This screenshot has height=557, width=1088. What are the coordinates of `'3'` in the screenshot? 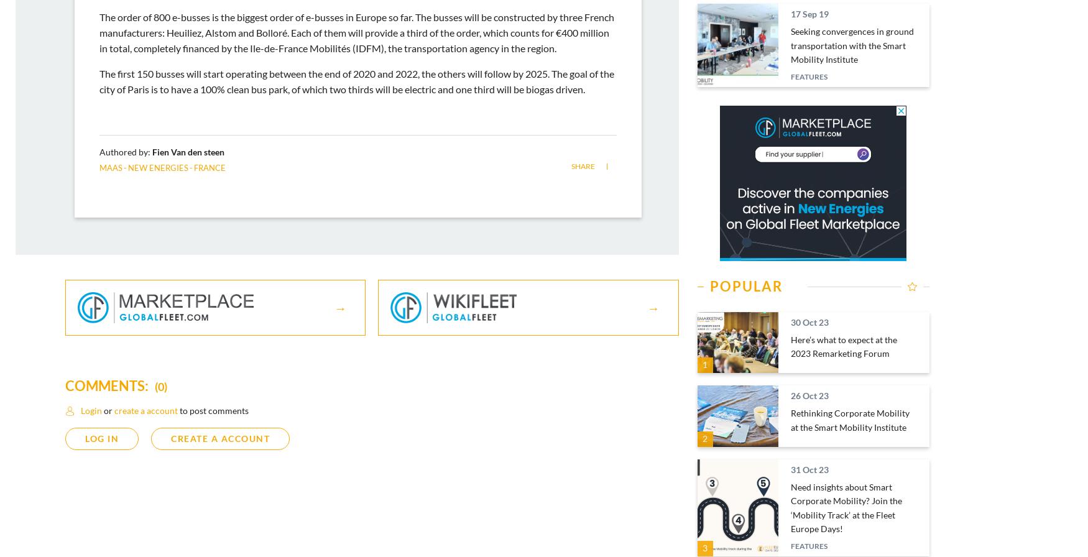 It's located at (704, 547).